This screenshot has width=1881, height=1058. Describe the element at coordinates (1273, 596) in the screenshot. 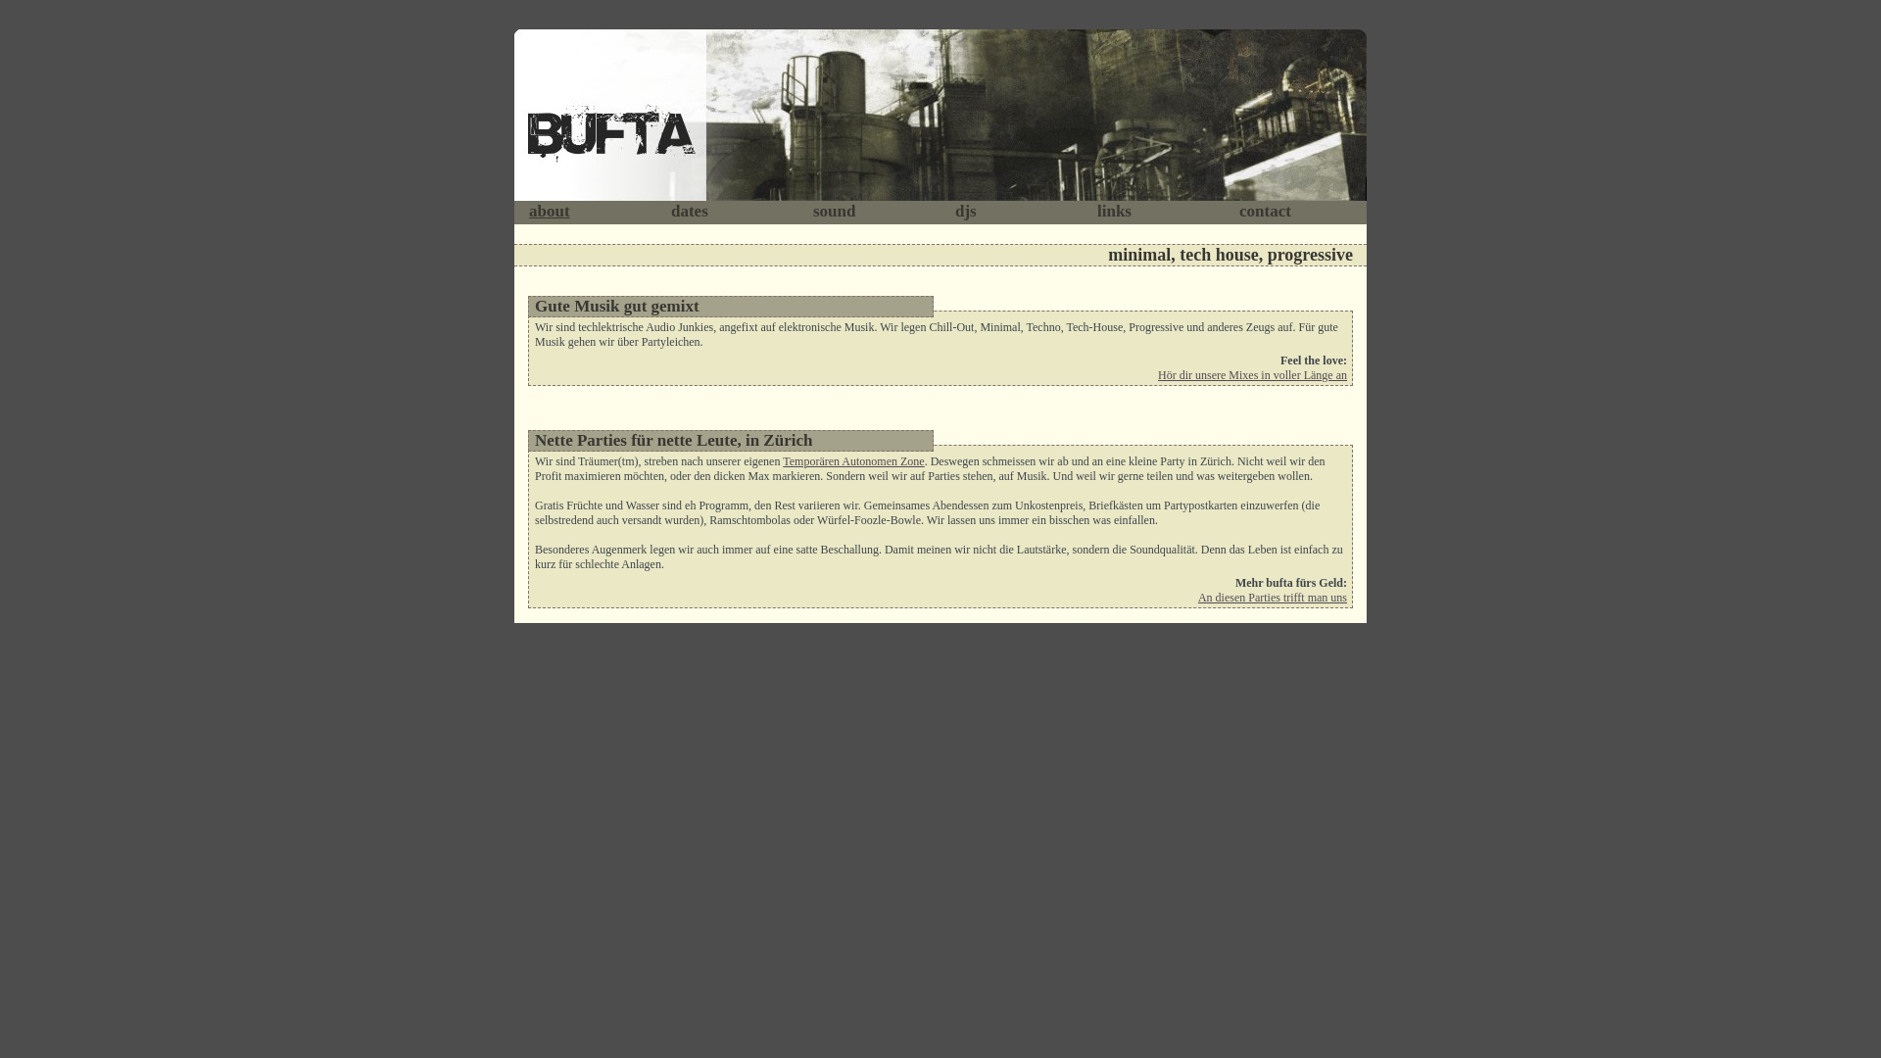

I see `'An diesen Parties trifft man uns'` at that location.